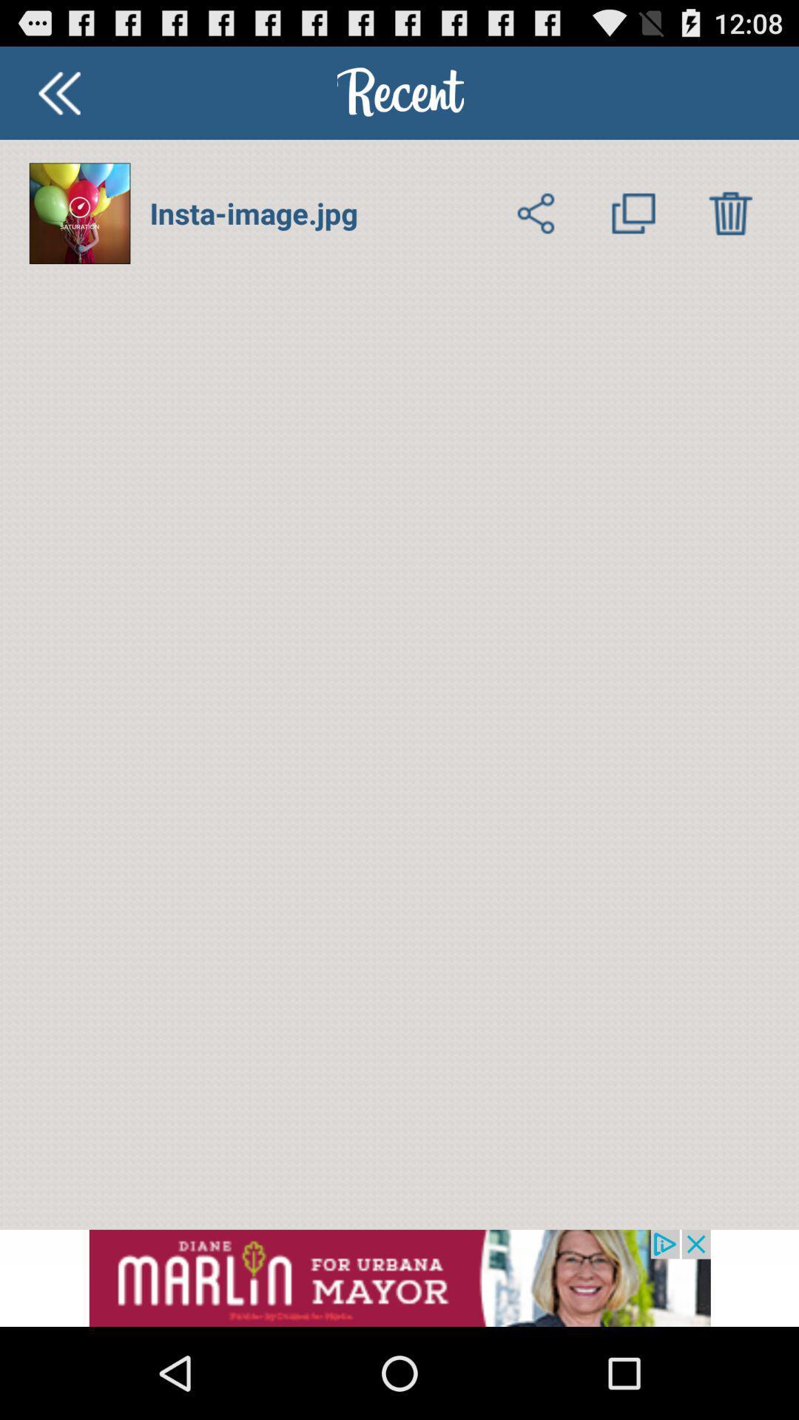  I want to click on go back, so click(58, 92).